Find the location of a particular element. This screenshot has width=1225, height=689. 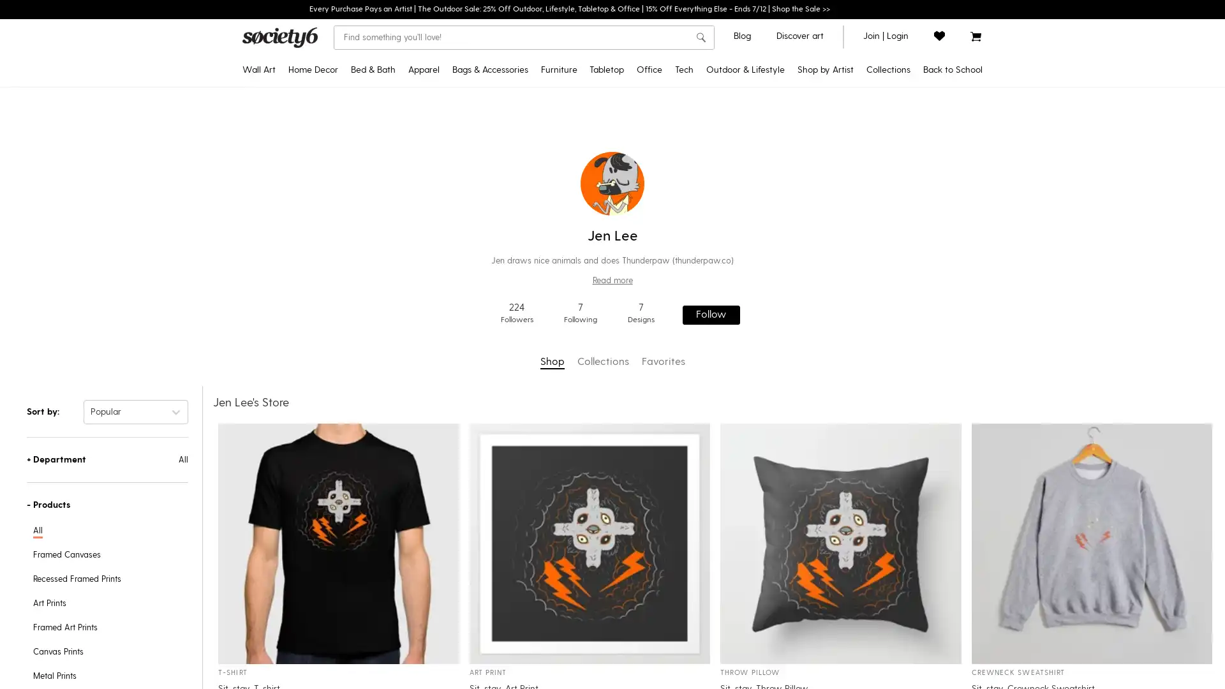

T-Shirts is located at coordinates (463, 102).